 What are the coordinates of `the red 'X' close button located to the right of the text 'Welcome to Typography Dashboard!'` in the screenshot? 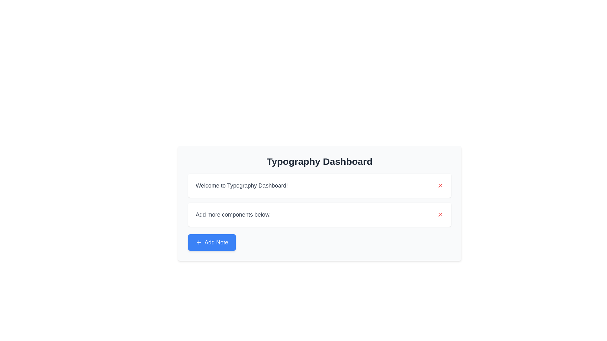 It's located at (440, 185).